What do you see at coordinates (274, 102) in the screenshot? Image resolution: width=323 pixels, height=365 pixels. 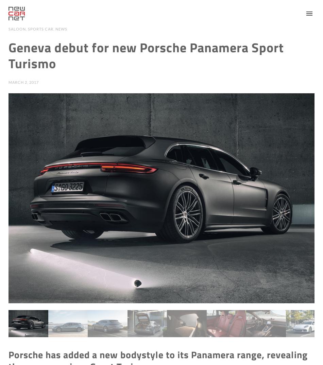 I see `'Video News'` at bounding box center [274, 102].